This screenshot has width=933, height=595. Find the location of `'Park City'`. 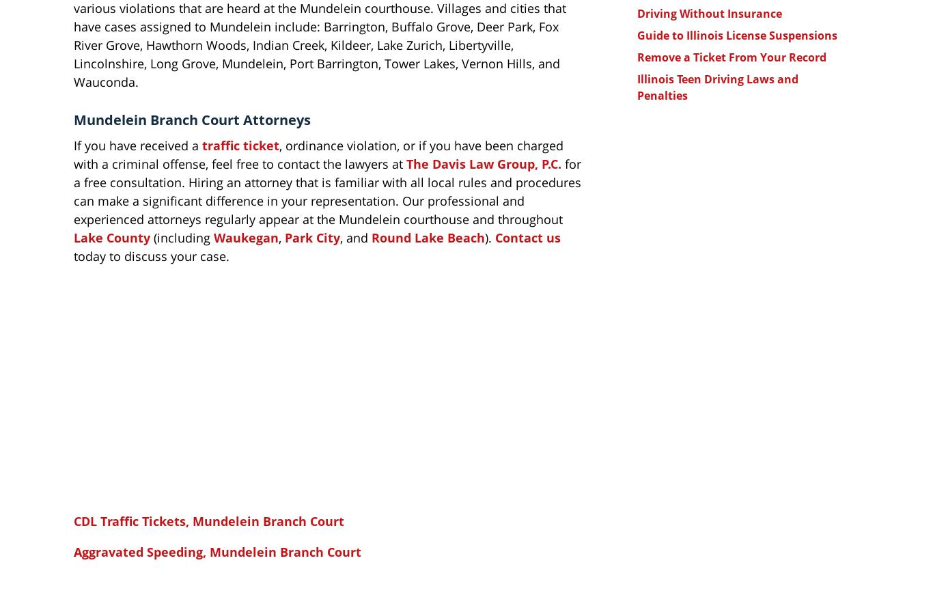

'Park City' is located at coordinates (312, 236).